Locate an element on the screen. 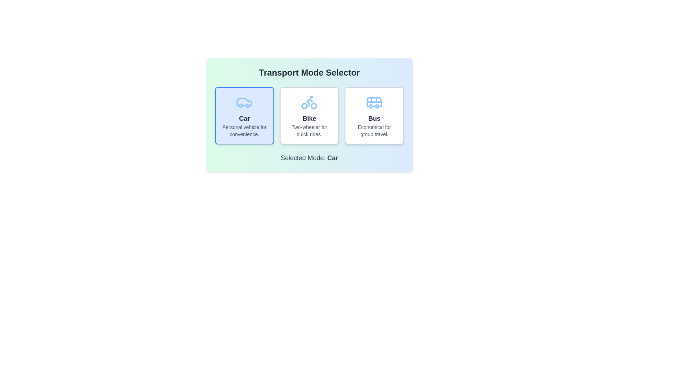 The width and height of the screenshot is (688, 387). the blue rectangular panel with rounded corners that displays the icon of a car and the text 'Car' is located at coordinates (244, 115).